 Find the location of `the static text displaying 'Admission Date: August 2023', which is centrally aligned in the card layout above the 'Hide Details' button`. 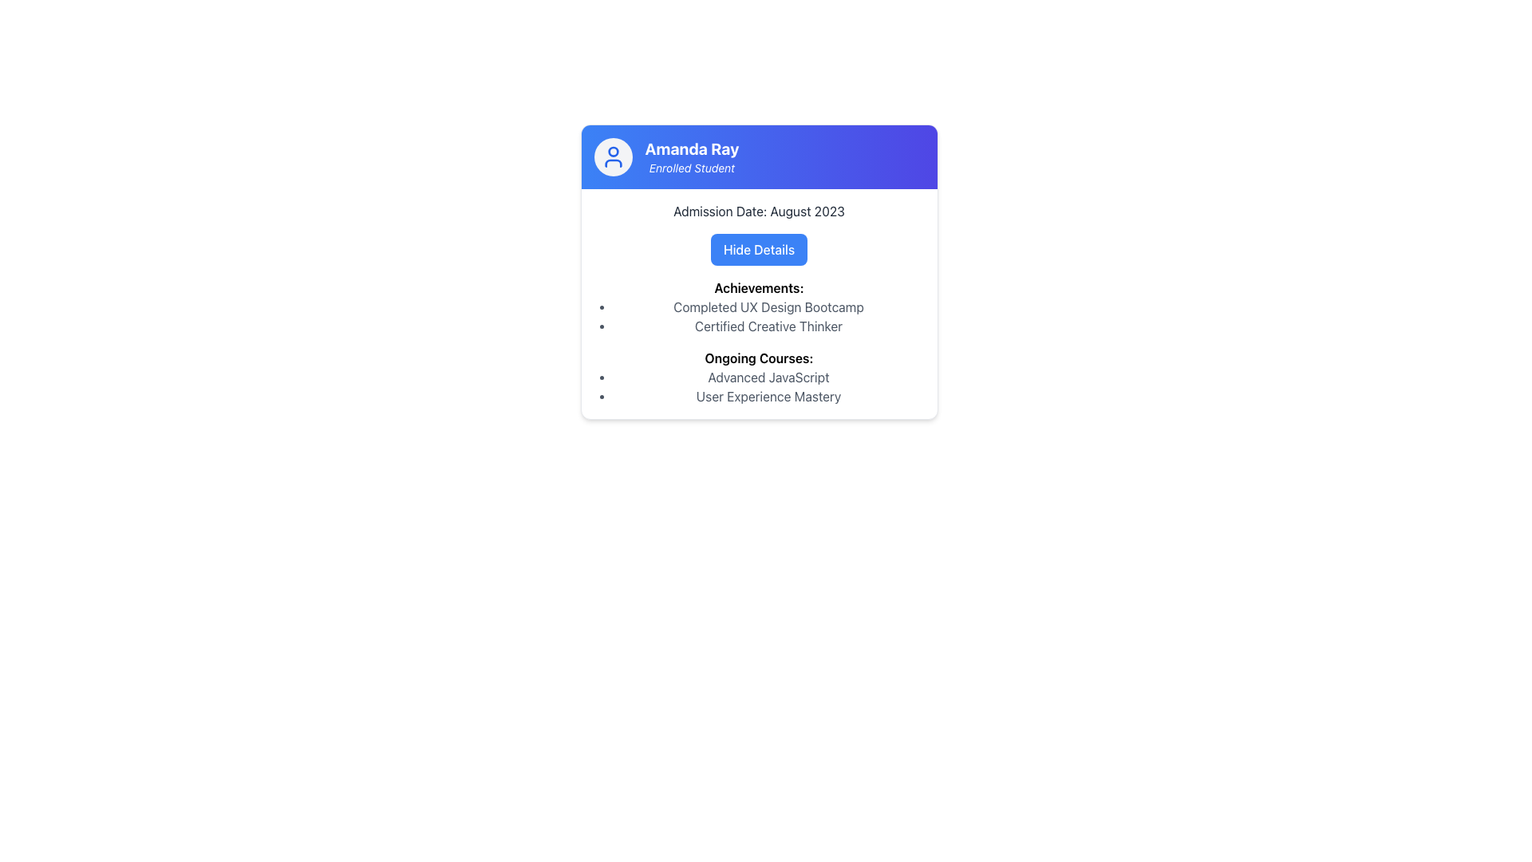

the static text displaying 'Admission Date: August 2023', which is centrally aligned in the card layout above the 'Hide Details' button is located at coordinates (758, 211).